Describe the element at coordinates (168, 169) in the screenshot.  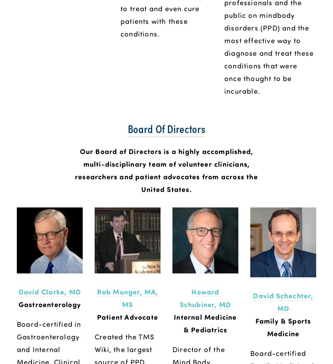
I see `'Our Board of Directors is a highly accomplished, multi-disciplinary team of volunteer clinicians, researchers and patient advocates from across the United States.'` at that location.